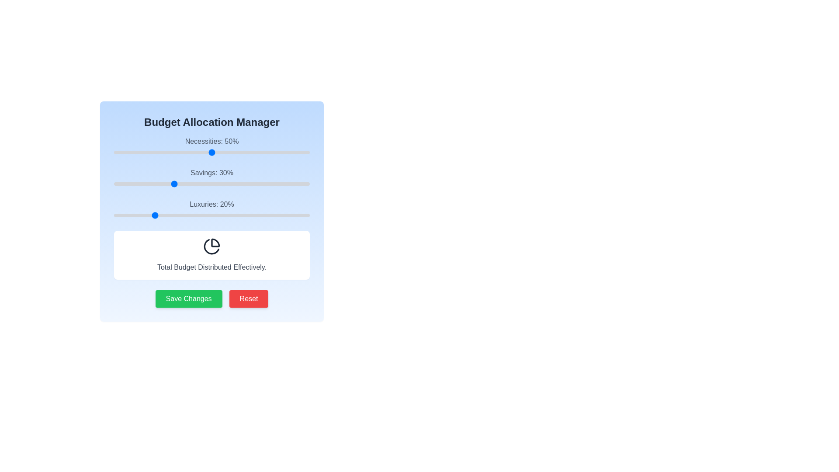  I want to click on the blue handle of the horizontal slider located below the 'Luxuries: 20%' text, so click(211, 215).